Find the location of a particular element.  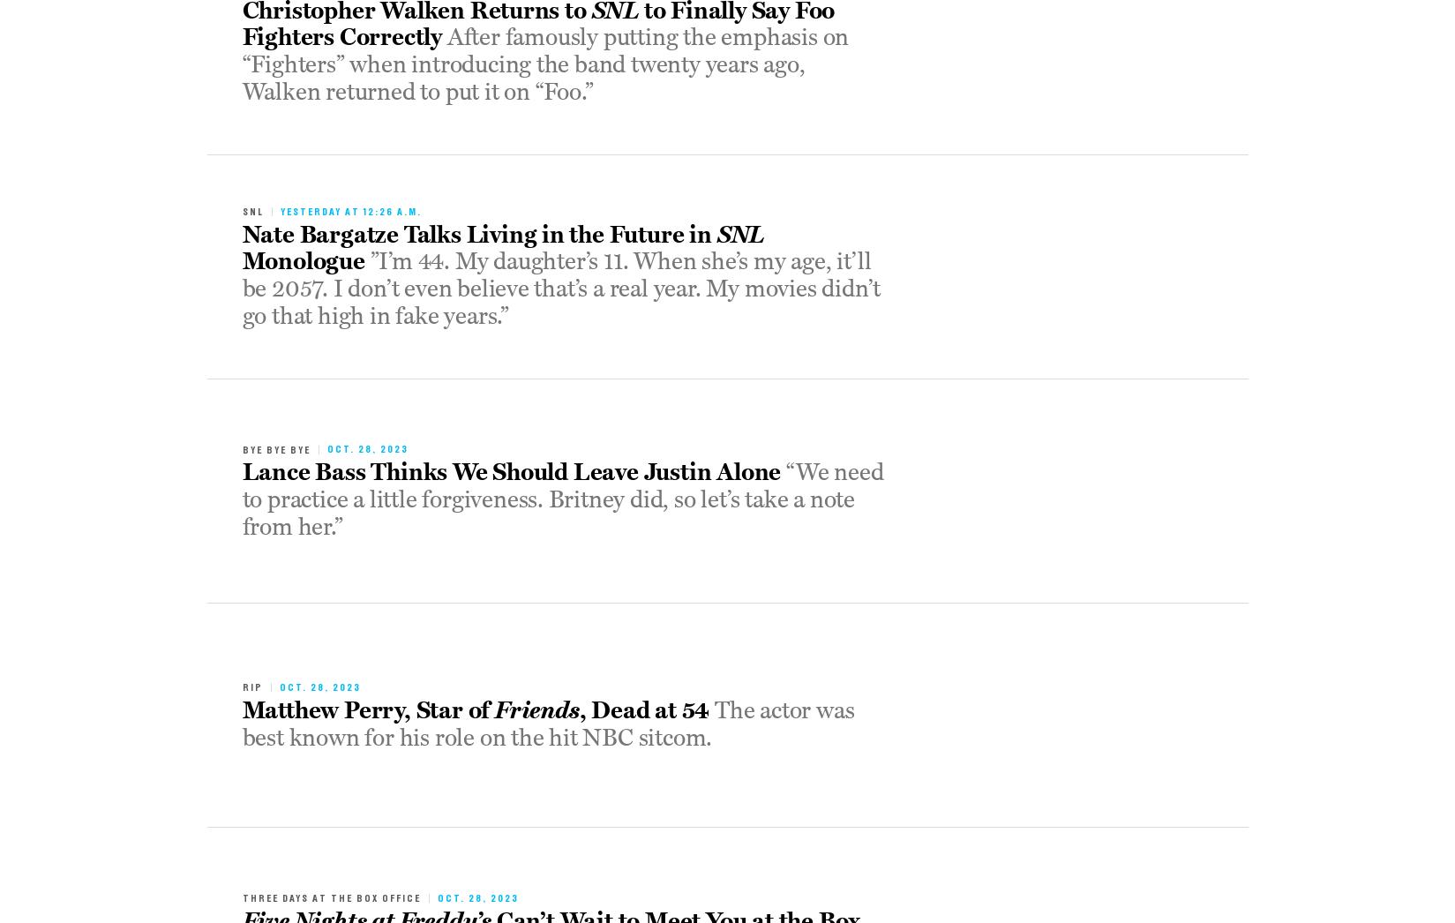

'snl' is located at coordinates (242, 210).